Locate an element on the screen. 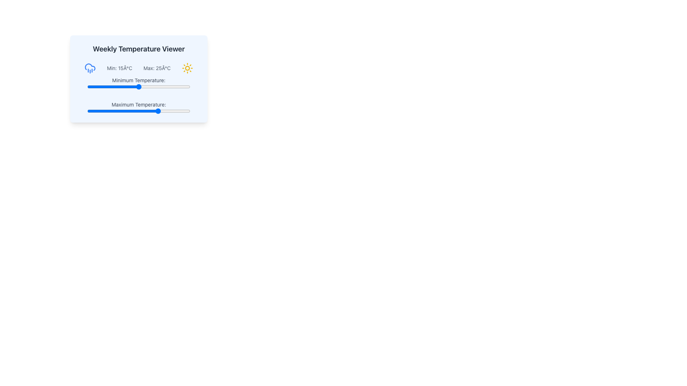  the maximum temperature is located at coordinates (143, 111).